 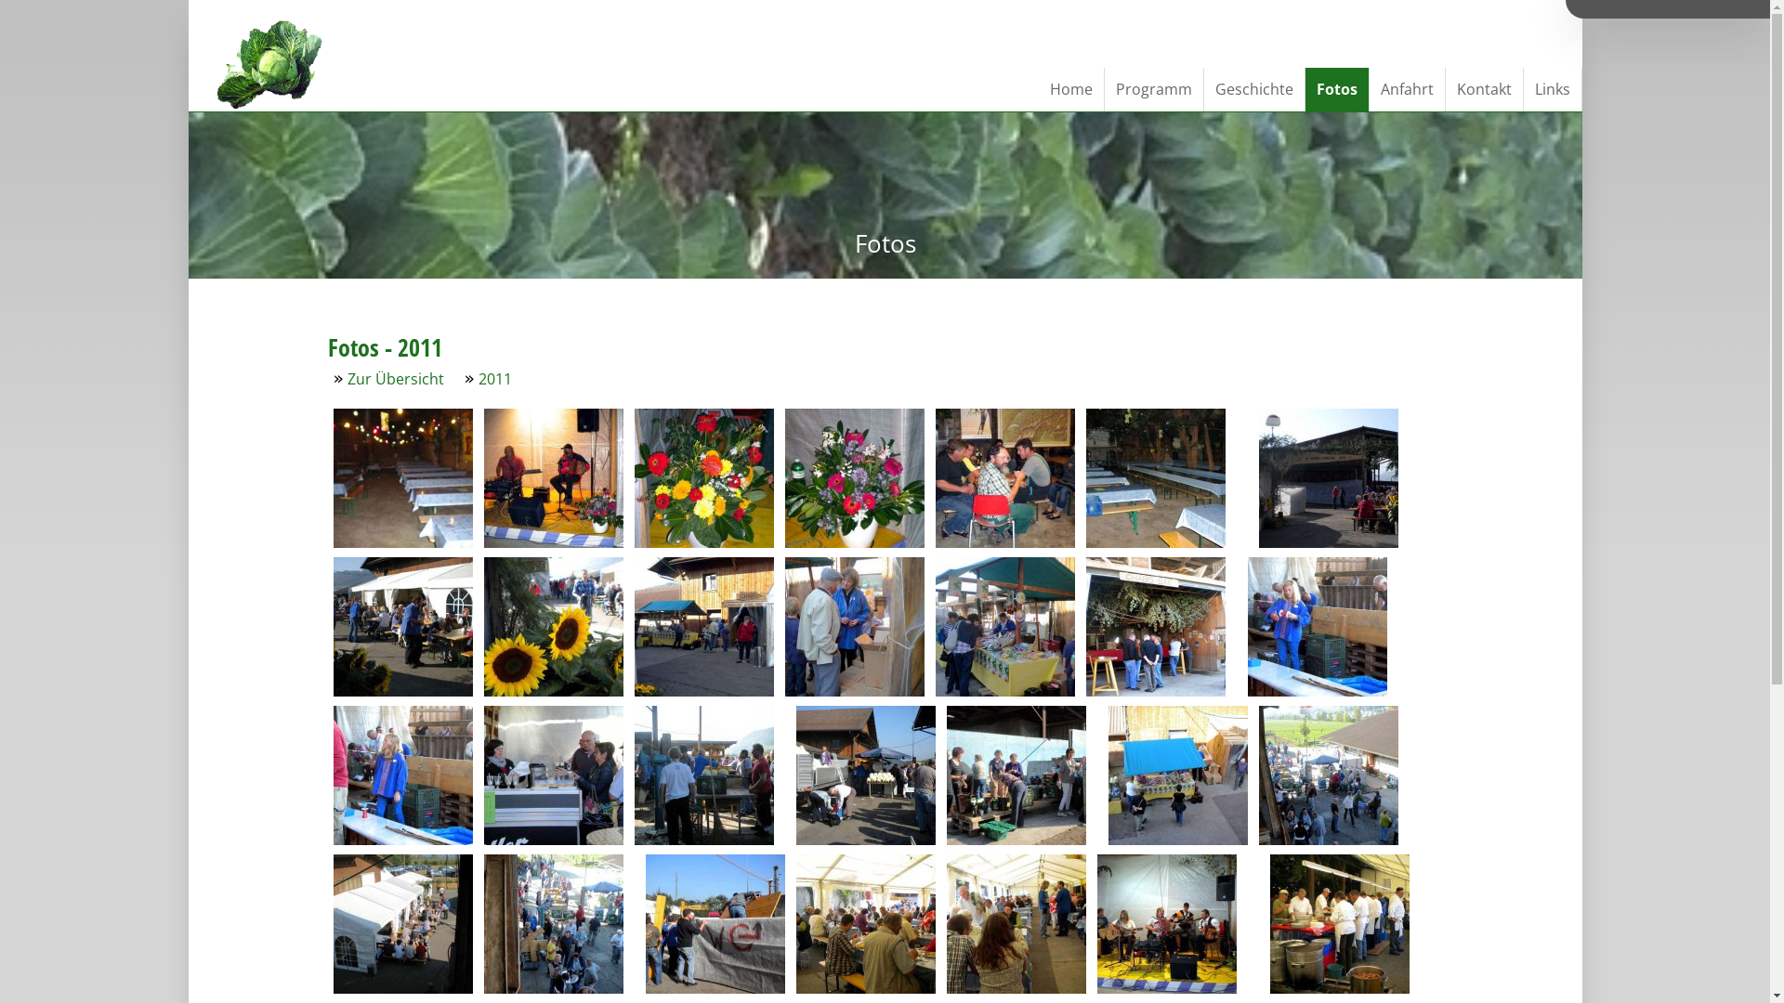 What do you see at coordinates (1335, 89) in the screenshot?
I see `'Fotos'` at bounding box center [1335, 89].